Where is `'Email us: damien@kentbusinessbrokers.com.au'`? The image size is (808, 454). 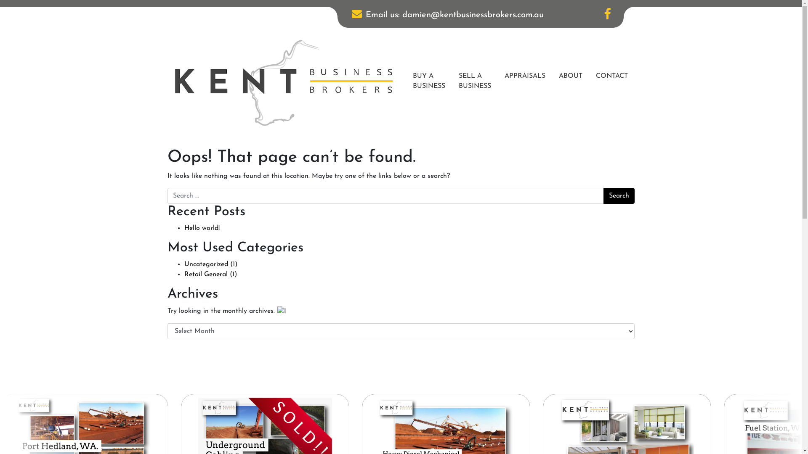 'Email us: damien@kentbusinessbrokers.com.au' is located at coordinates (446, 17).